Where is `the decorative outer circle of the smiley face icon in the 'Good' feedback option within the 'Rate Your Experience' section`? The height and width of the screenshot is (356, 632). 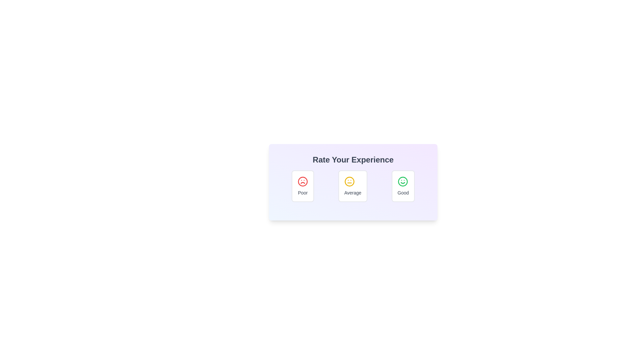
the decorative outer circle of the smiley face icon in the 'Good' feedback option within the 'Rate Your Experience' section is located at coordinates (402, 182).